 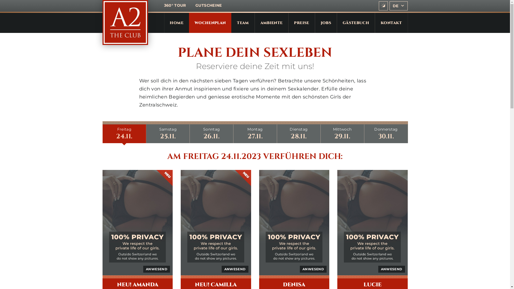 What do you see at coordinates (326, 22) in the screenshot?
I see `'JOBS'` at bounding box center [326, 22].